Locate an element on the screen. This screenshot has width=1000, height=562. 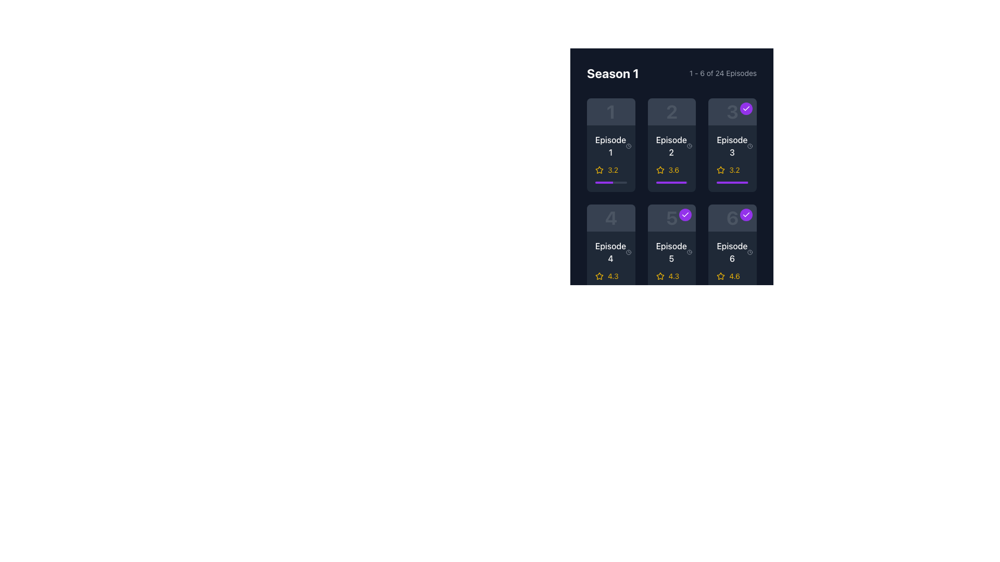
the progress bar indicating the completion status for 'Episode 3', located at the bottom section of the card just below the star rating is located at coordinates (732, 182).